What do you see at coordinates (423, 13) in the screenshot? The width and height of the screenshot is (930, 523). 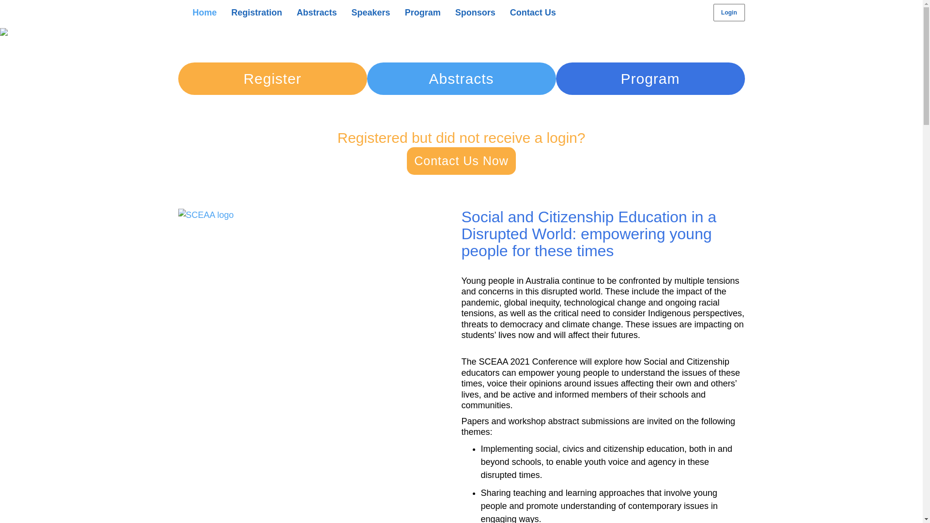 I see `'Program'` at bounding box center [423, 13].